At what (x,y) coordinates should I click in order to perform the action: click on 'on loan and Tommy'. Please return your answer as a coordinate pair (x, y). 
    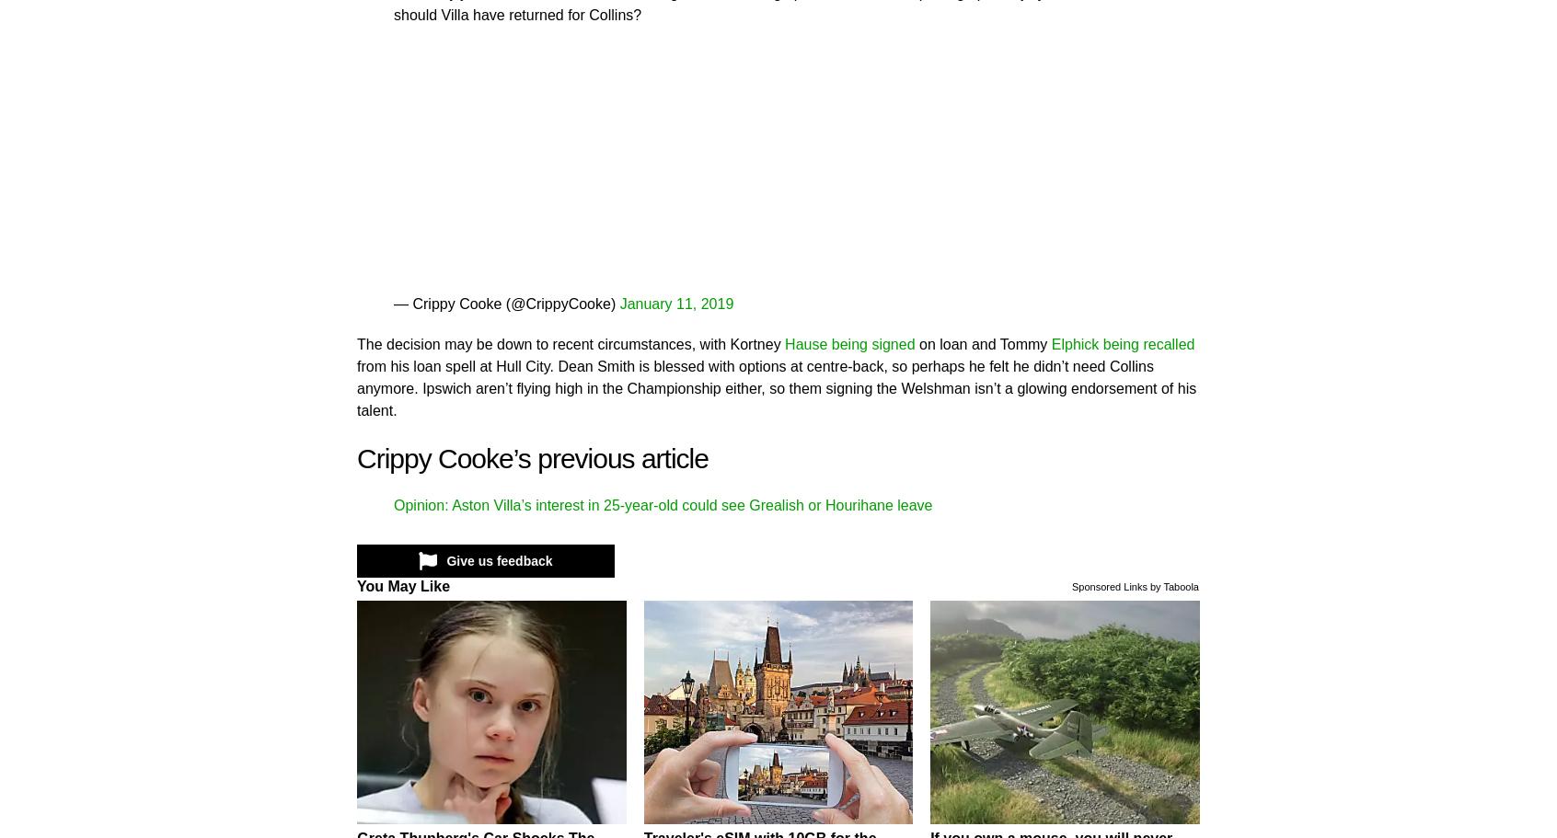
    Looking at the image, I should click on (914, 343).